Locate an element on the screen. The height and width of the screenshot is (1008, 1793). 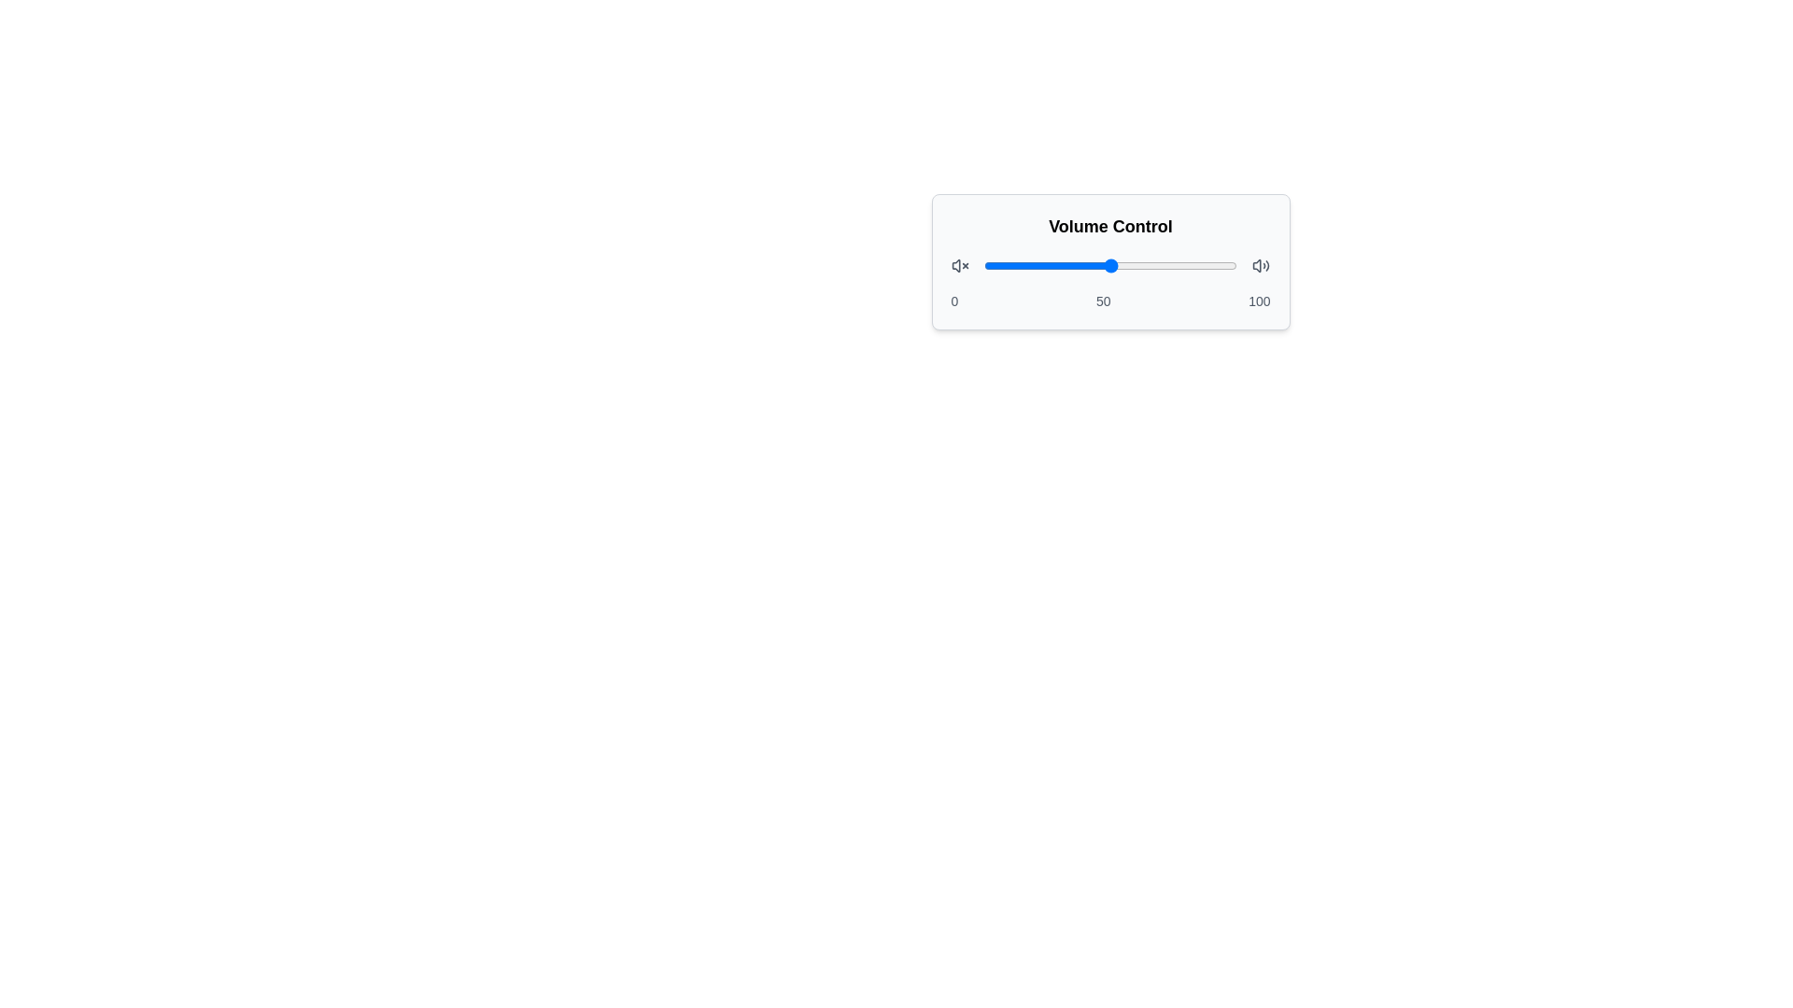
the slider to set the volume to 3 is located at coordinates (990, 266).